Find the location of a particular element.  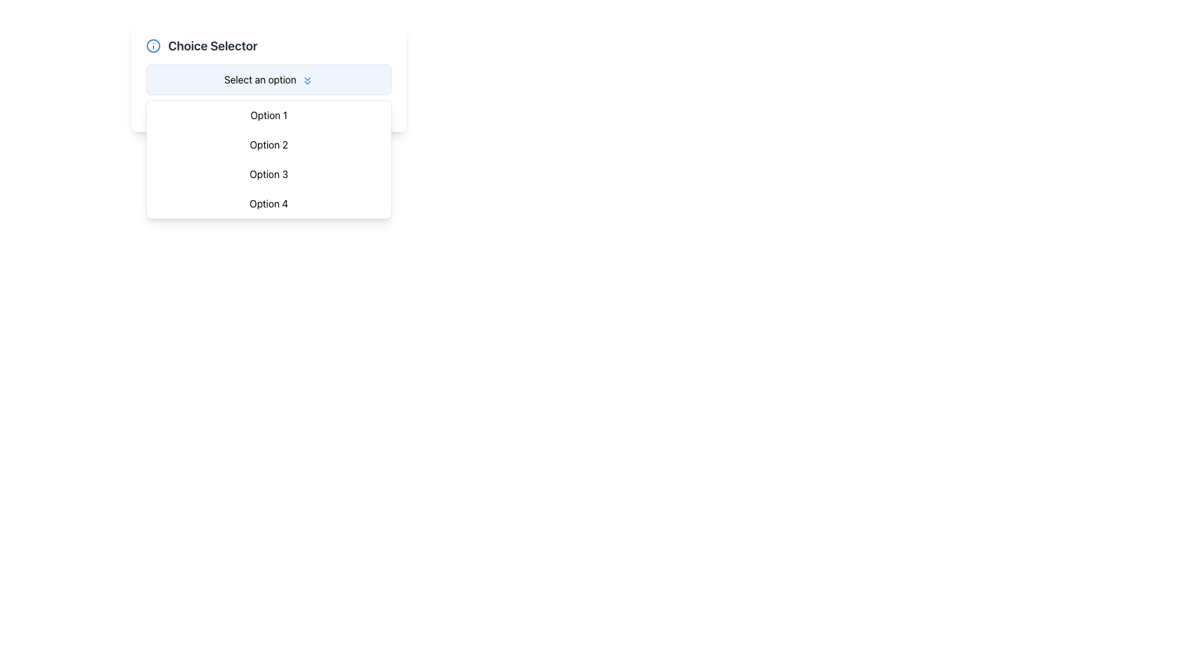

the selectable list item labeled 'Option 2' is located at coordinates (268, 144).